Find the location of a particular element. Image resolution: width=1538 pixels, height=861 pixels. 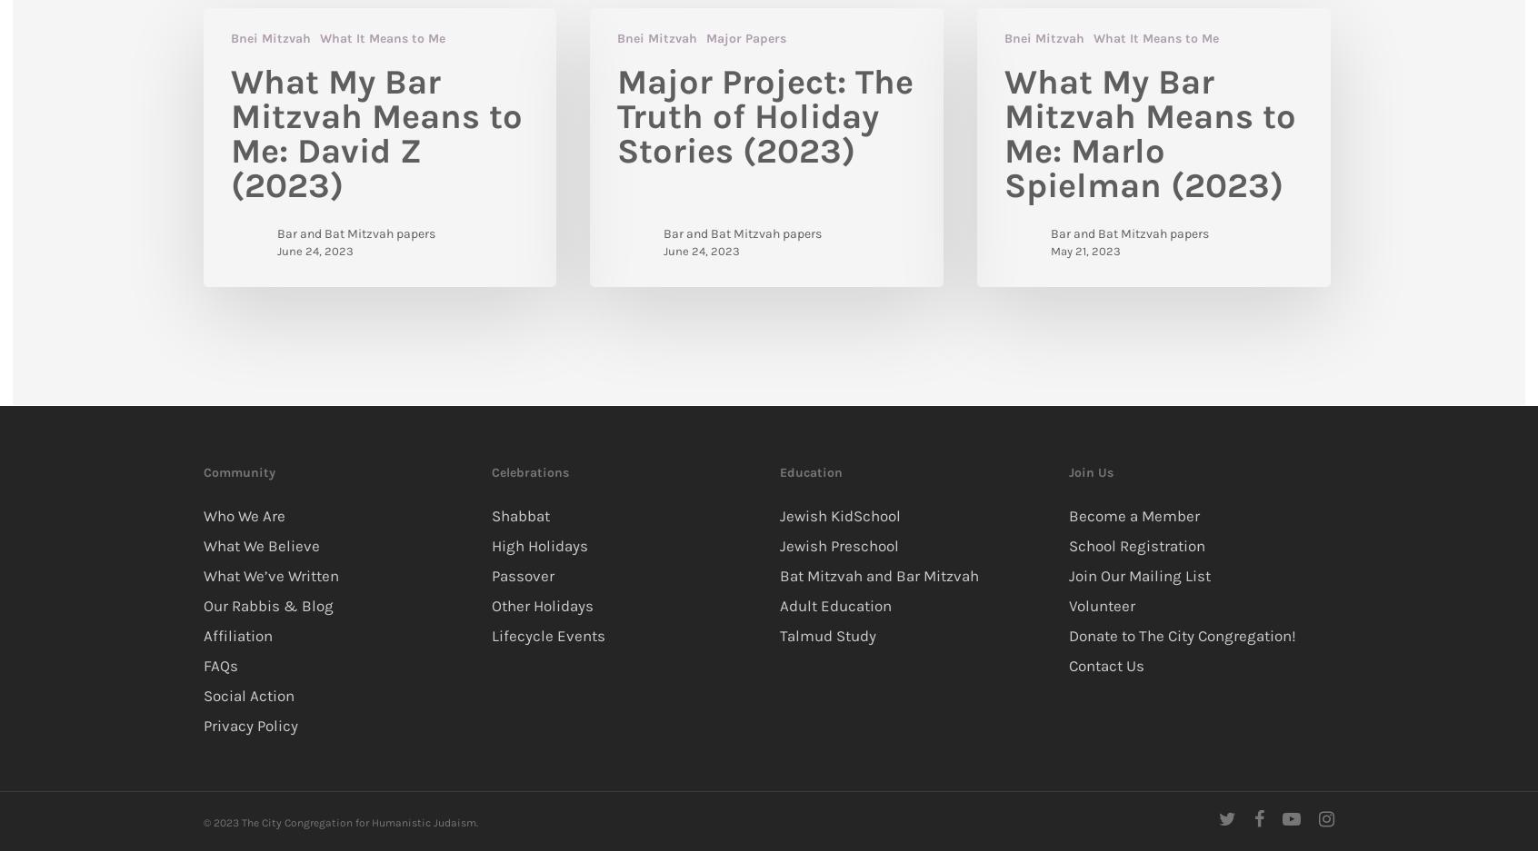

'Adult Education' is located at coordinates (779, 603).